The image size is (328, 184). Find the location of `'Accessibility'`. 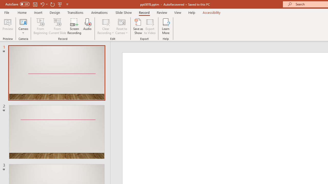

'Accessibility' is located at coordinates (212, 12).